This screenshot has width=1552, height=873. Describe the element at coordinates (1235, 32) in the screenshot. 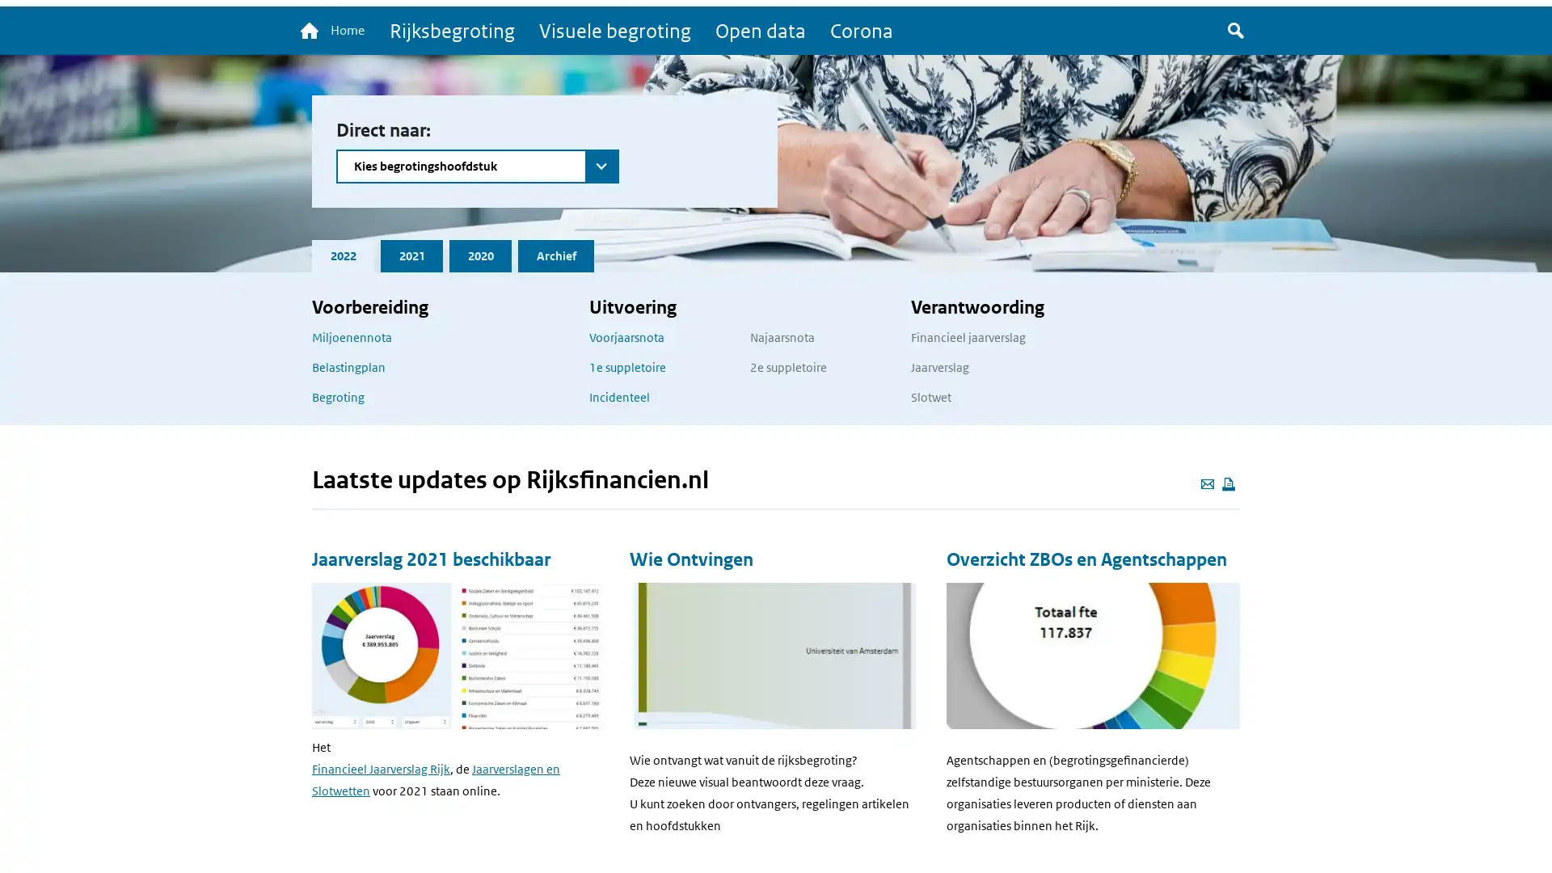

I see `Zoek` at that location.